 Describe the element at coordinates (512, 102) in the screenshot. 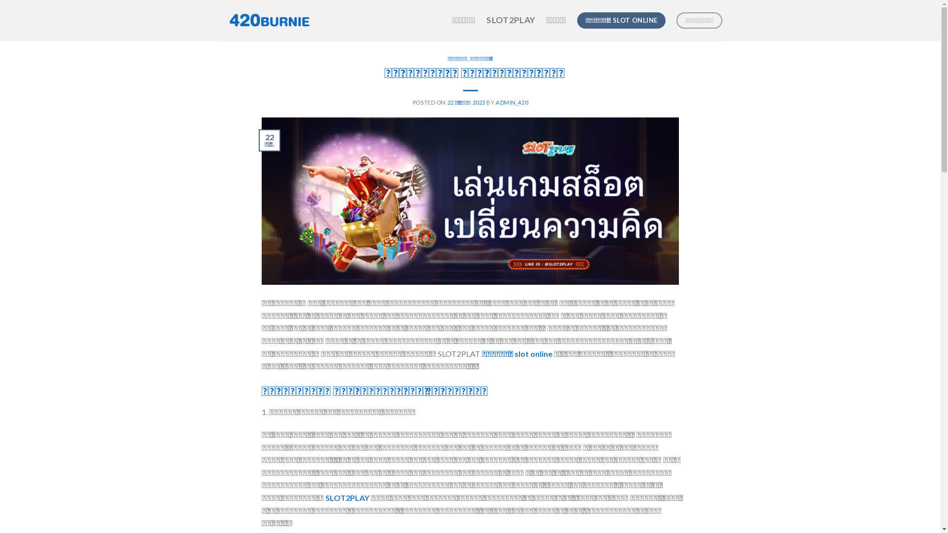

I see `'ADMIN_420'` at that location.